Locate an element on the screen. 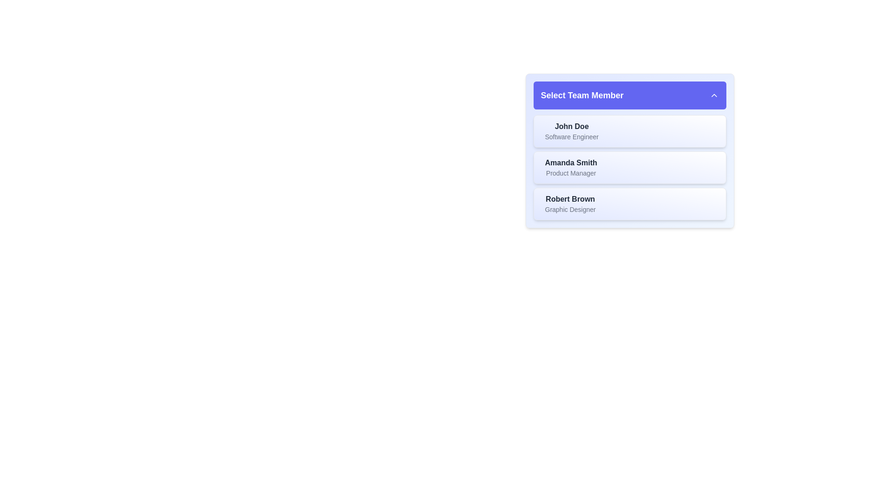 This screenshot has height=503, width=894. the upward-facing chevron (^) icon located at the far right of the 'Select Team Member' purple header to interact with the menu is located at coordinates (713, 95).